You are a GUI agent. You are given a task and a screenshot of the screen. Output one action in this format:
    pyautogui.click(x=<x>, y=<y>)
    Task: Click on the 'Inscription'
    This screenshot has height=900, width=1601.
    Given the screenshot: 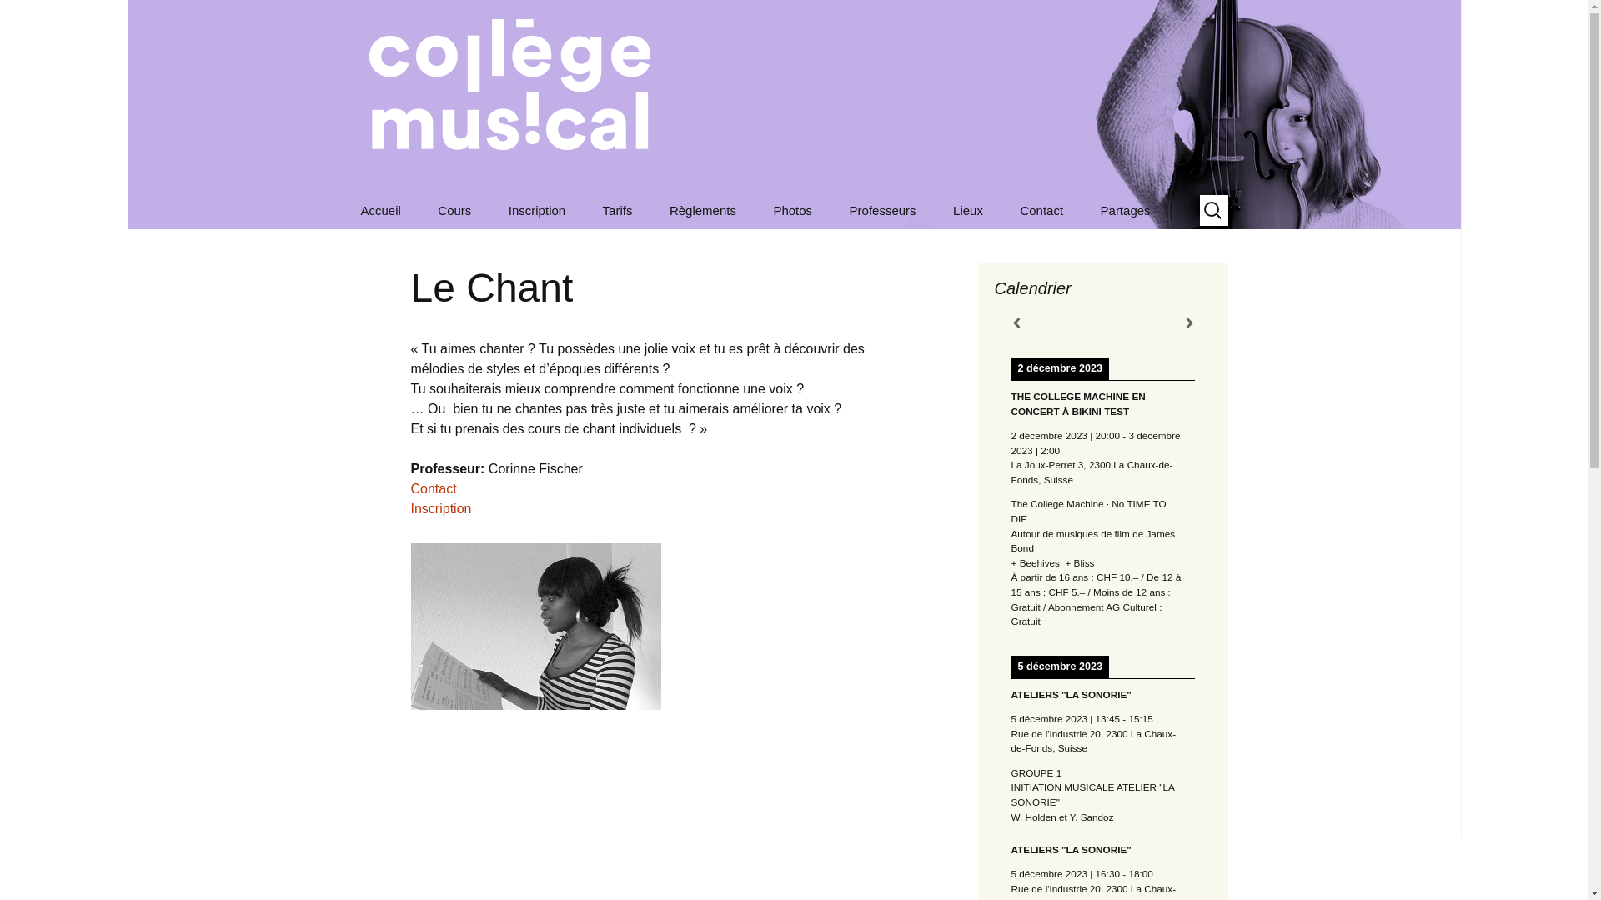 What is the action you would take?
    pyautogui.click(x=440, y=507)
    